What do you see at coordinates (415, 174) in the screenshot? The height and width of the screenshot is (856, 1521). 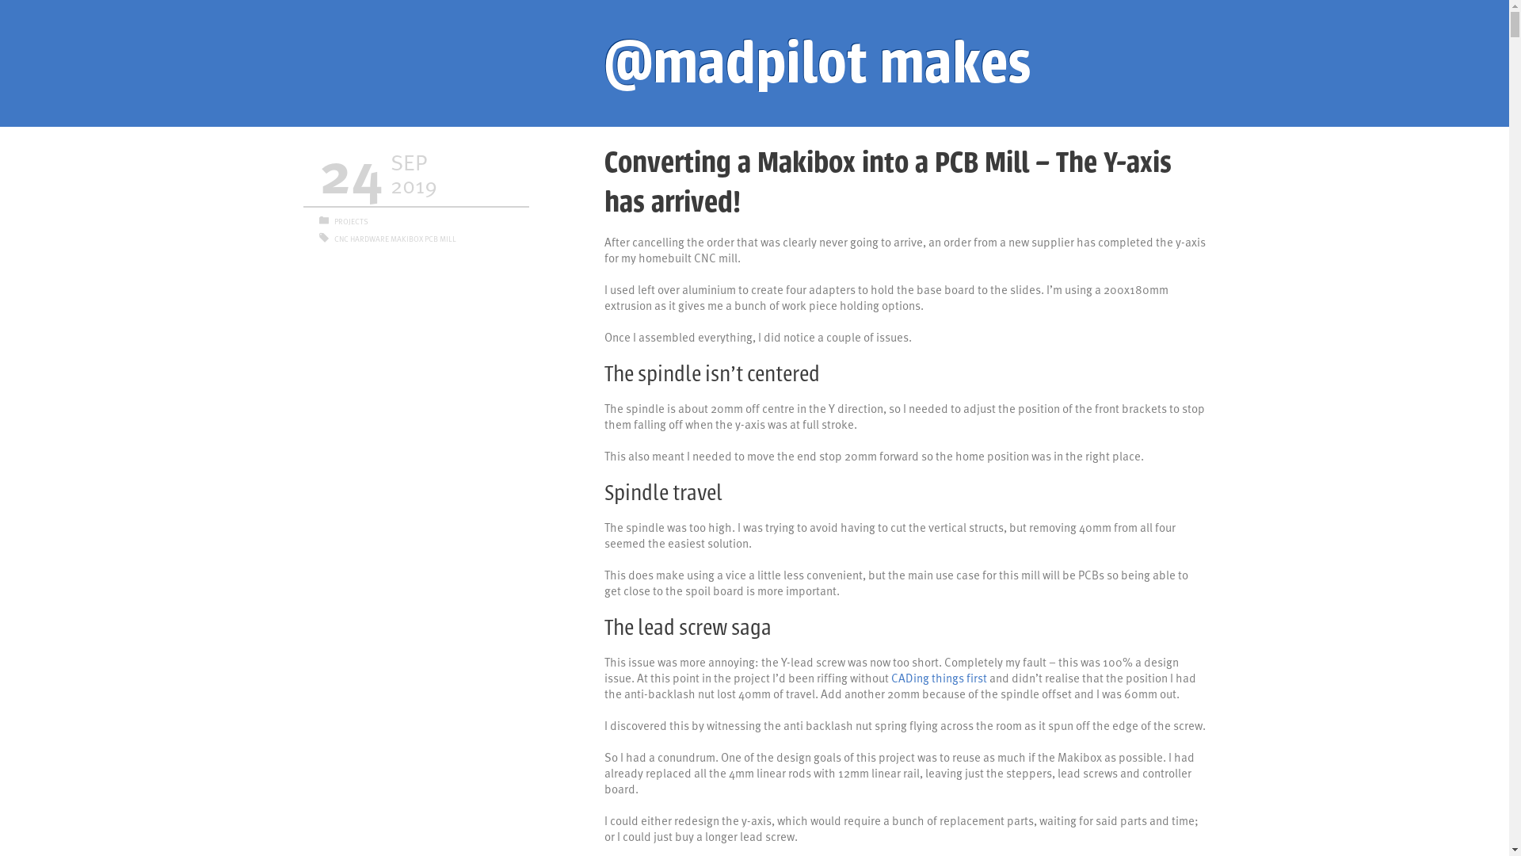 I see `'24` at bounding box center [415, 174].